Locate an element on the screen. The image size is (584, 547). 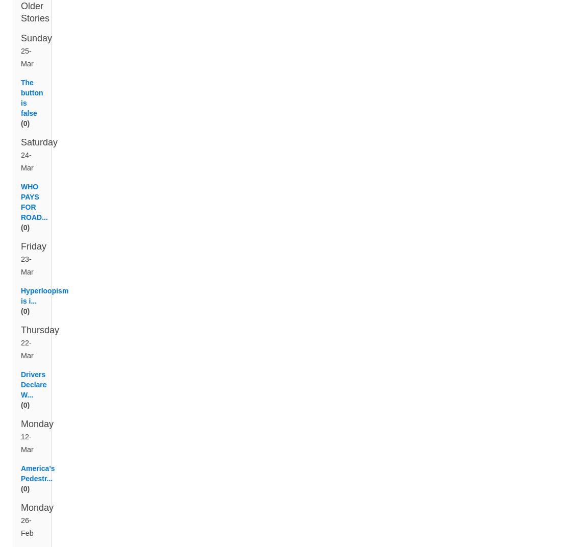
'Friday' is located at coordinates (33, 258).